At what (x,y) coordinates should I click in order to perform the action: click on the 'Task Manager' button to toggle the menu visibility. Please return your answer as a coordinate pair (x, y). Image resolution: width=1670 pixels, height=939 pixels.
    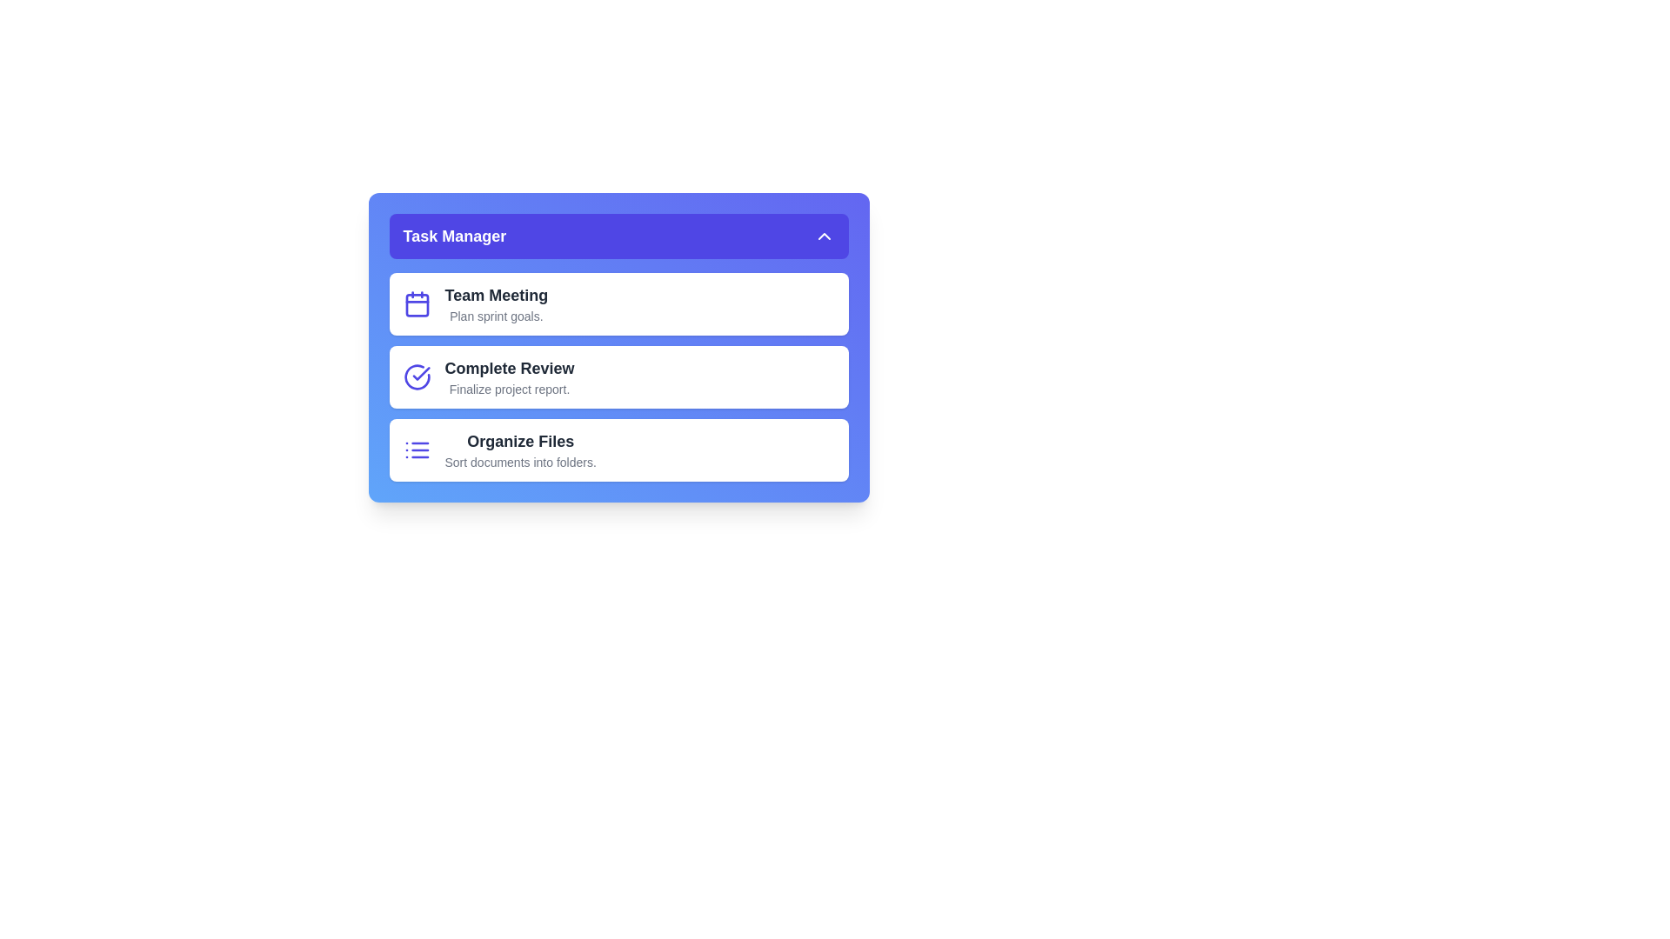
    Looking at the image, I should click on (618, 236).